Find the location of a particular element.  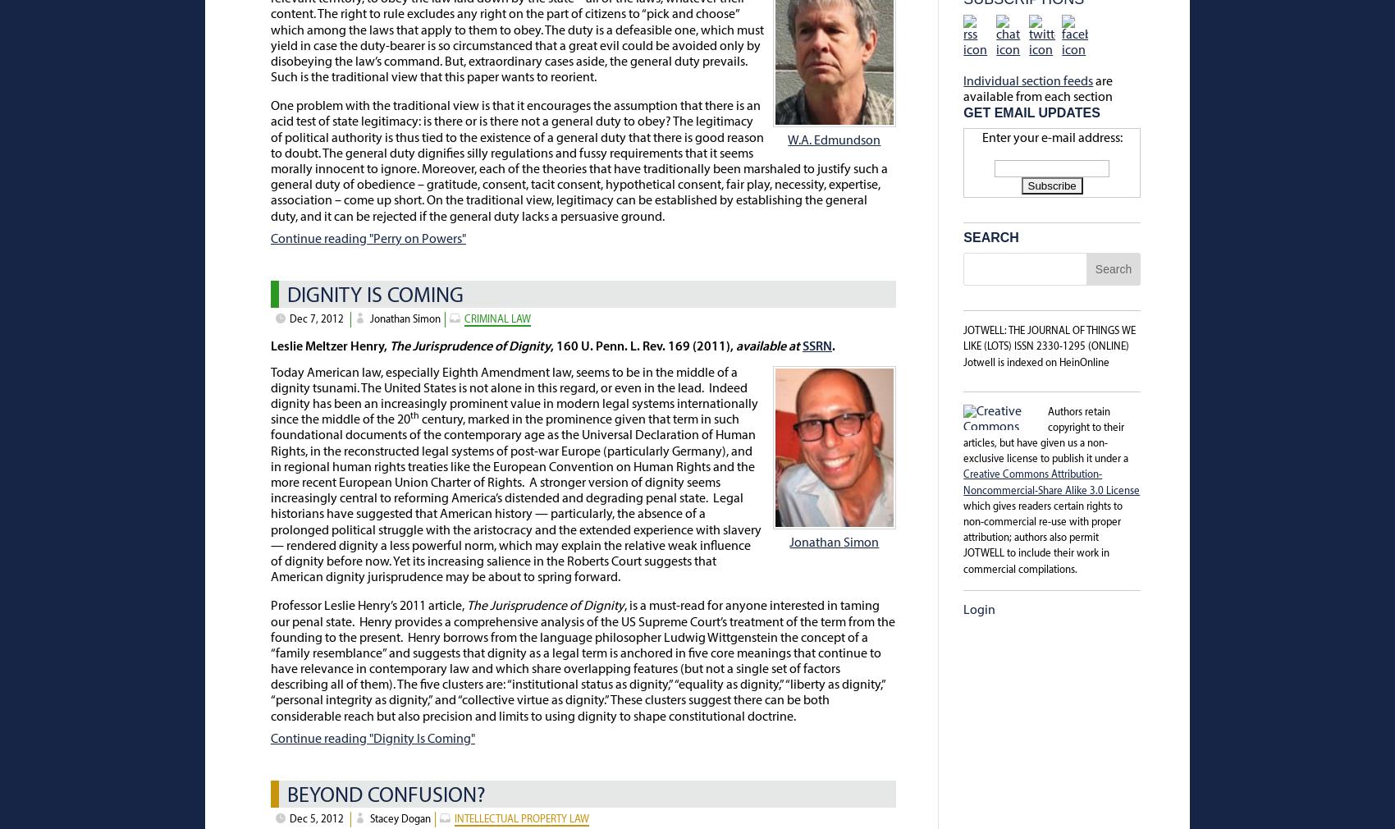

'Professor Leslie Henry’s 2011 article,' is located at coordinates (368, 606).